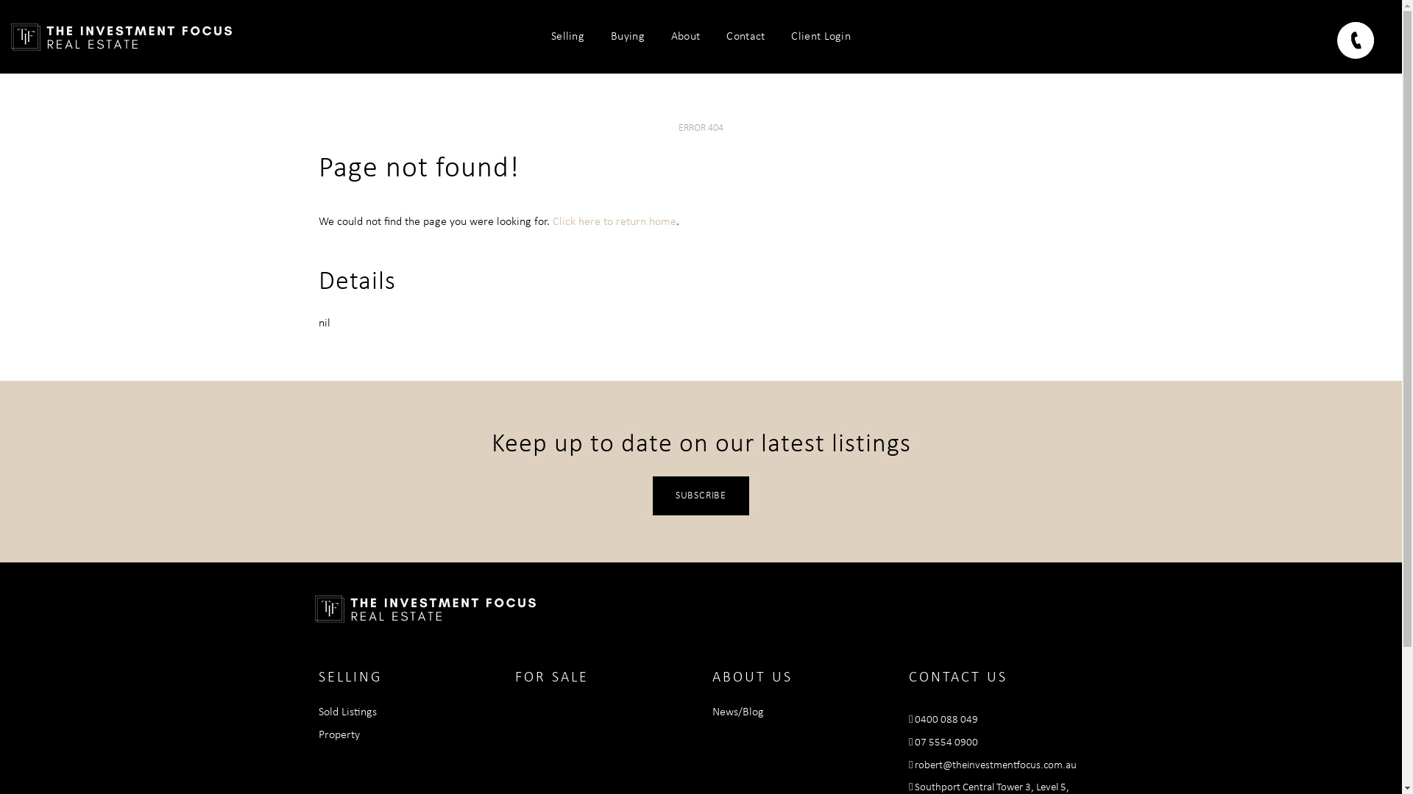  Describe the element at coordinates (614, 221) in the screenshot. I see `'Click here to return home'` at that location.